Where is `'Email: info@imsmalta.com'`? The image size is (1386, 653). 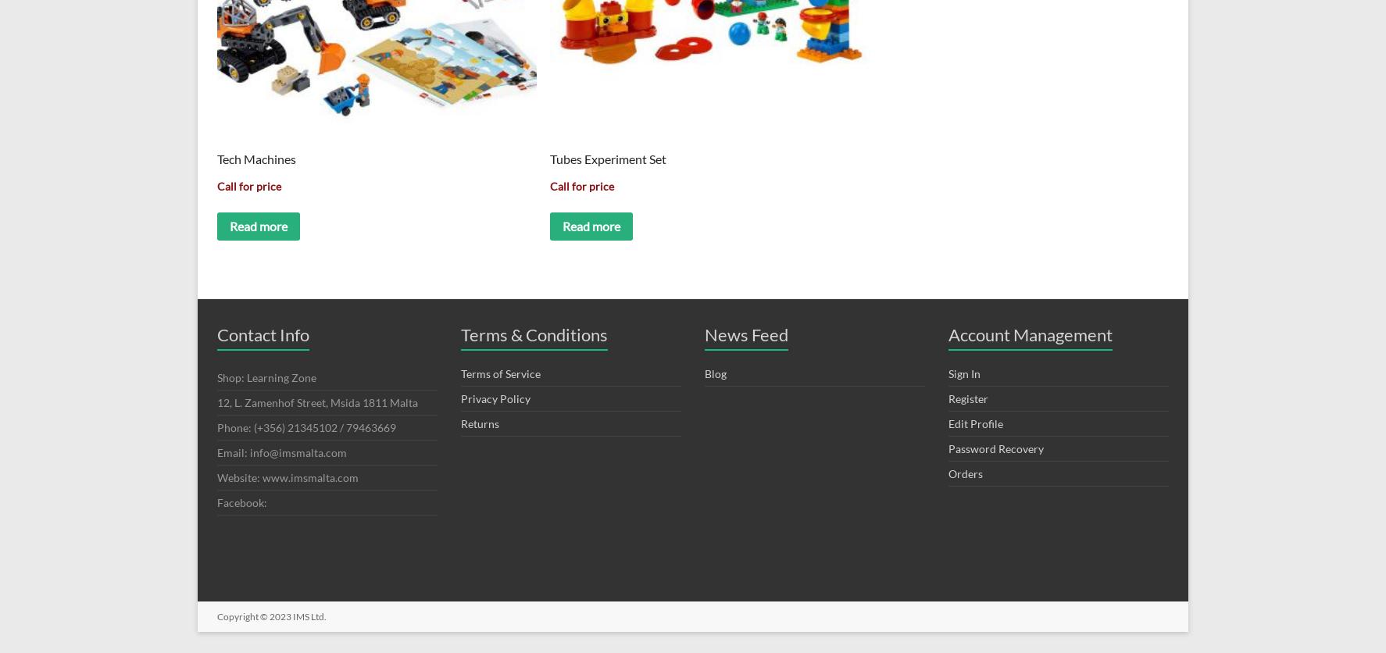
'Email: info@imsmalta.com' is located at coordinates (281, 451).